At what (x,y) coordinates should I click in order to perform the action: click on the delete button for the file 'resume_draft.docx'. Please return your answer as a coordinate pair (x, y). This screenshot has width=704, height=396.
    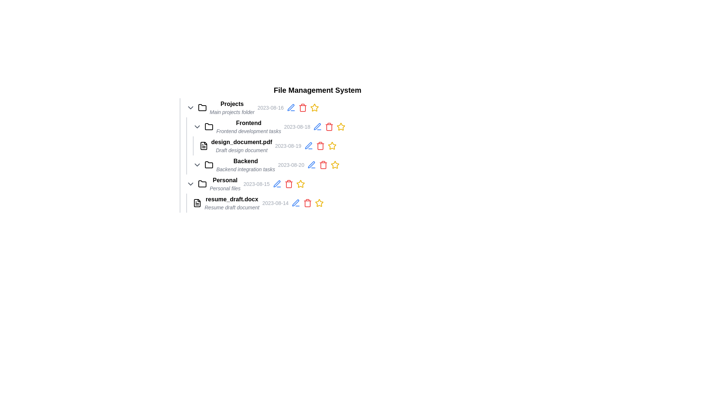
    Looking at the image, I should click on (308, 203).